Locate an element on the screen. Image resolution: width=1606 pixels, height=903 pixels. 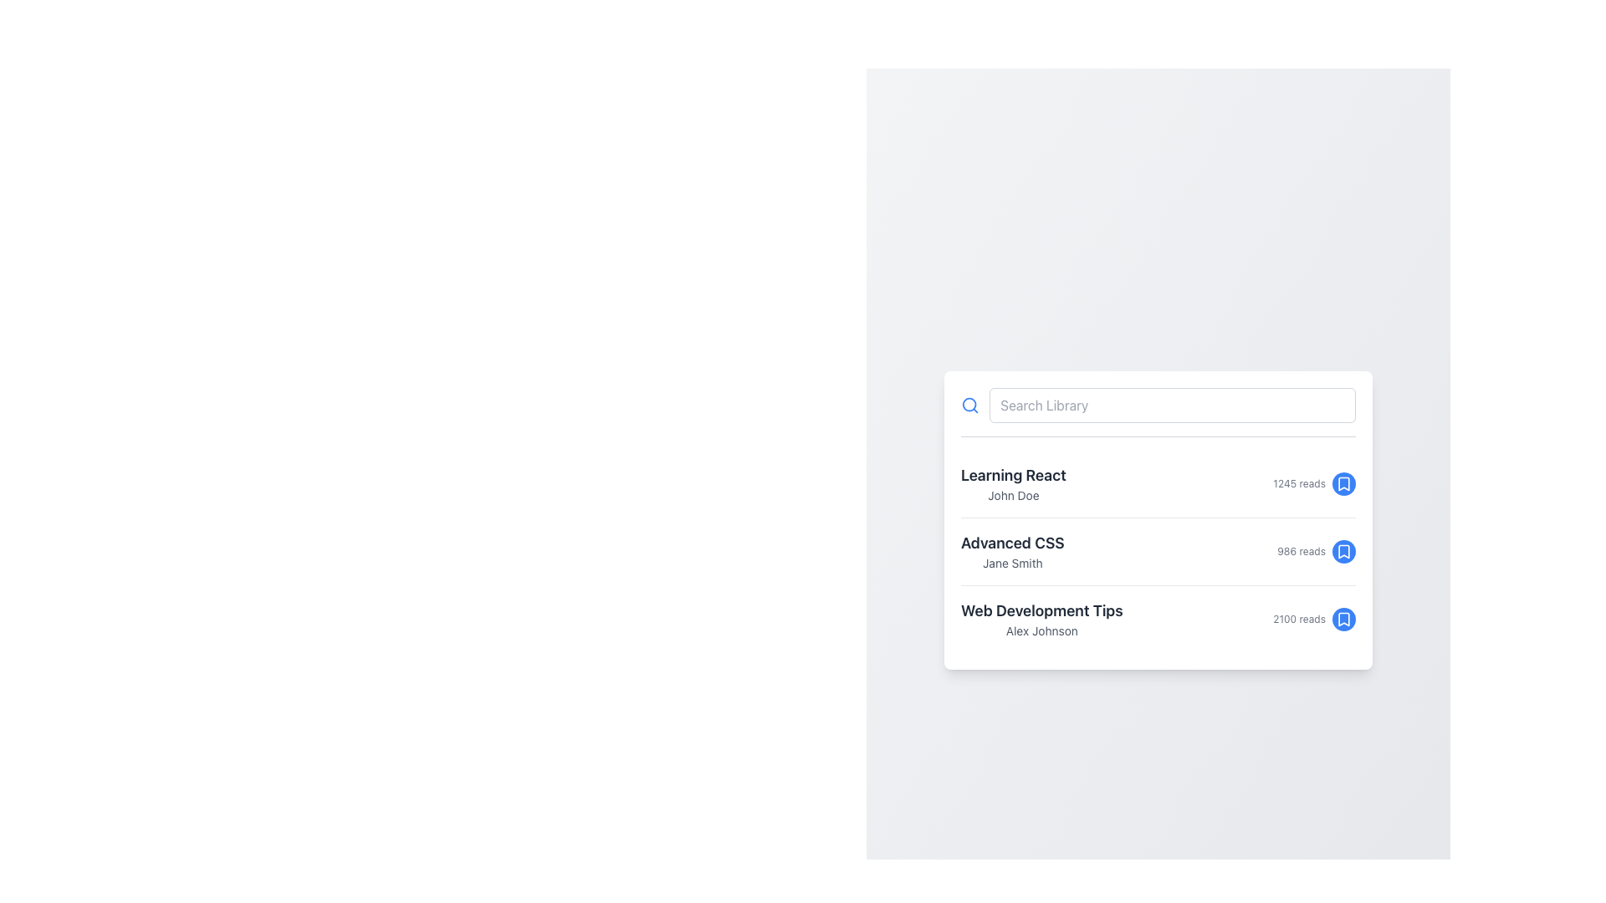
the bookmark icon from the composite element displaying the number of reads (986) for the topic 'Advanced CSS' by 'Jane Smith' is located at coordinates (1316, 551).